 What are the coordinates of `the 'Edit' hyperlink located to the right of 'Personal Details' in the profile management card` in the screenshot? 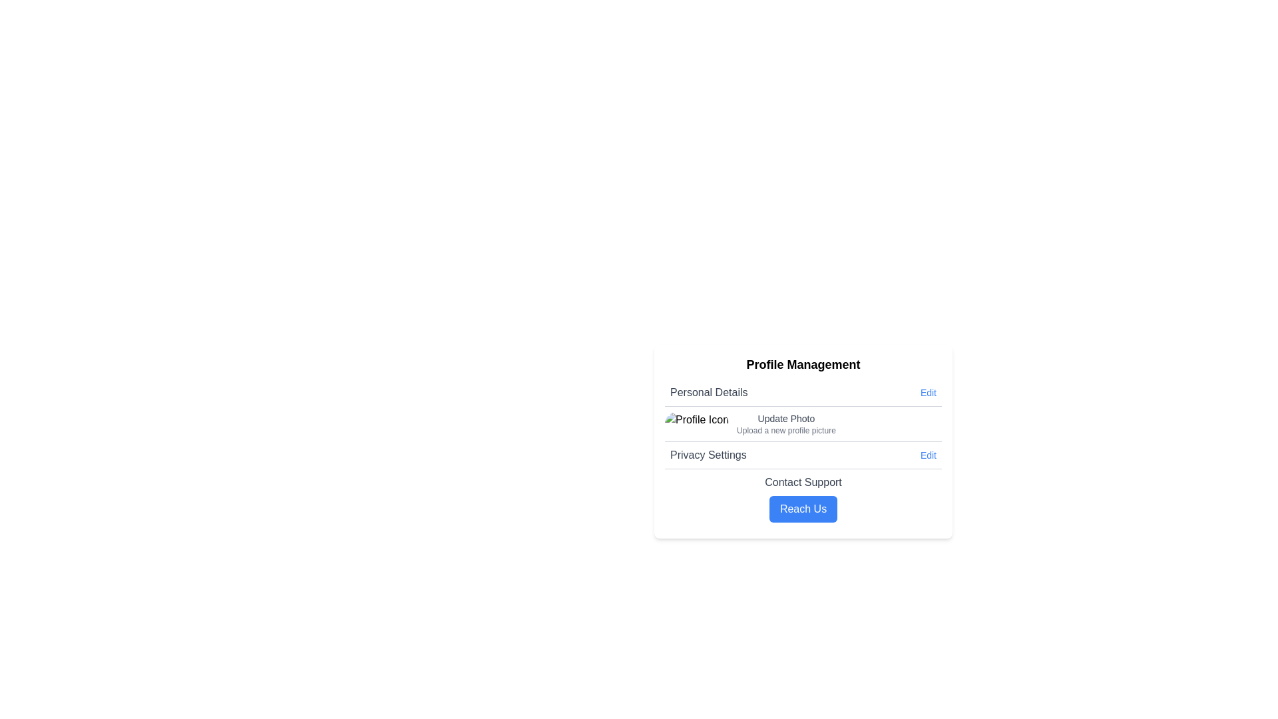 It's located at (927, 392).